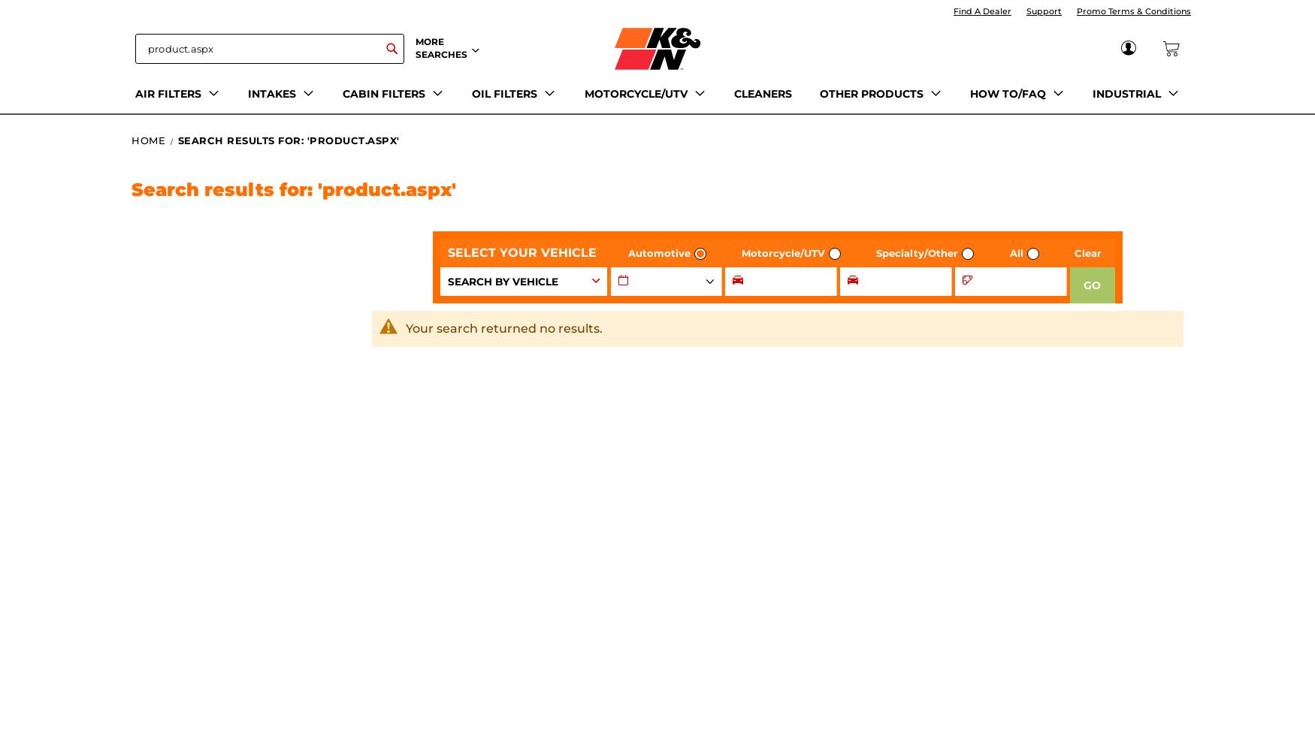  Describe the element at coordinates (917, 252) in the screenshot. I see `'Specialty/Other'` at that location.